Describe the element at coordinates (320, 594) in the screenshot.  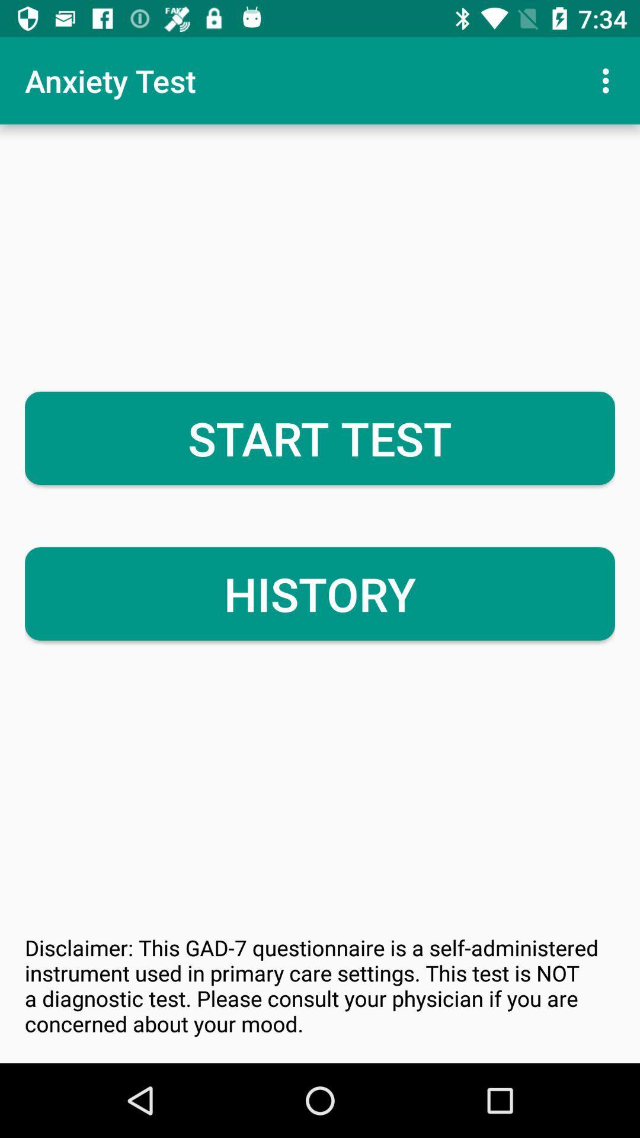
I see `history icon` at that location.